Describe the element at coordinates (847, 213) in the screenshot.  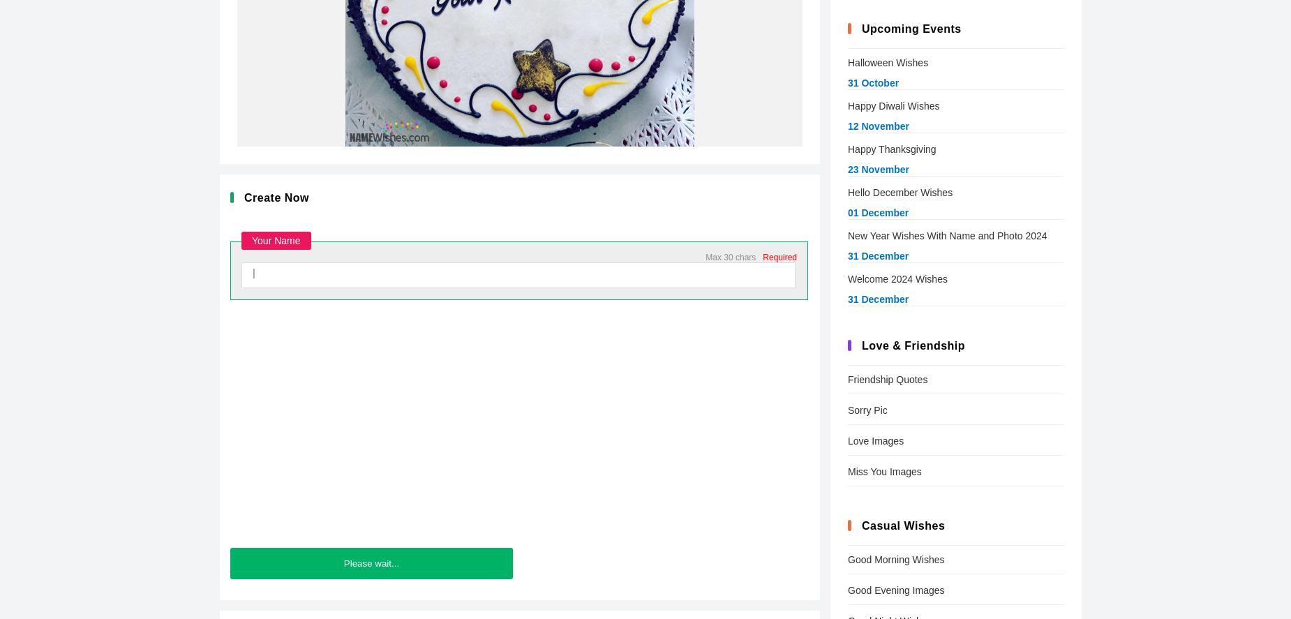
I see `'01 December'` at that location.